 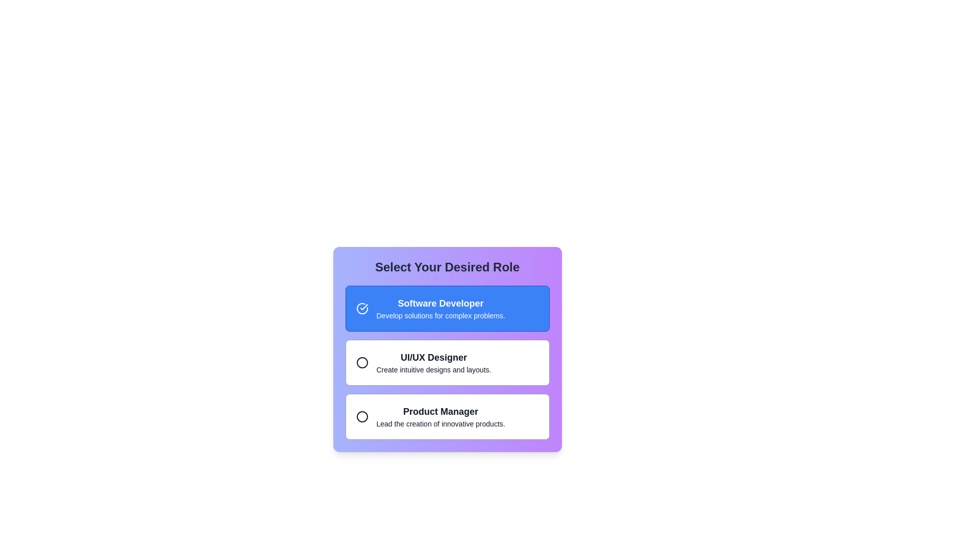 What do you see at coordinates (440, 308) in the screenshot?
I see `the first selectable option for the 'Software Developer' role, which is visually distinguished by its blue background` at bounding box center [440, 308].